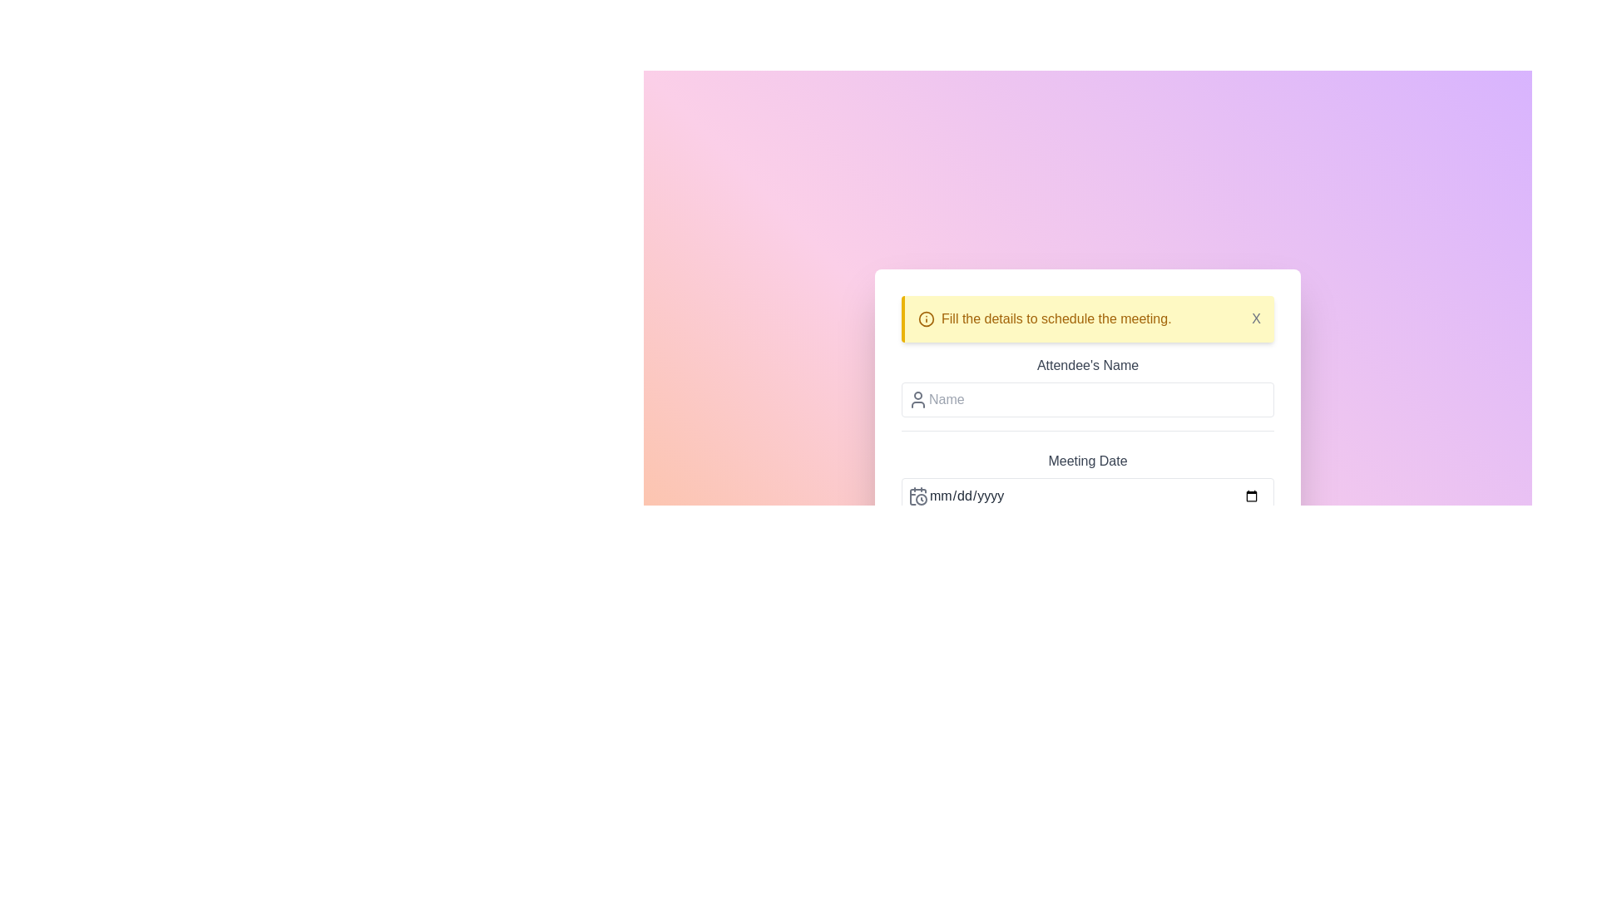 The image size is (1597, 898). Describe the element at coordinates (917, 496) in the screenshot. I see `the calendar icon with a clock overlay, positioned next to the date input field, to open the associated date picker` at that location.